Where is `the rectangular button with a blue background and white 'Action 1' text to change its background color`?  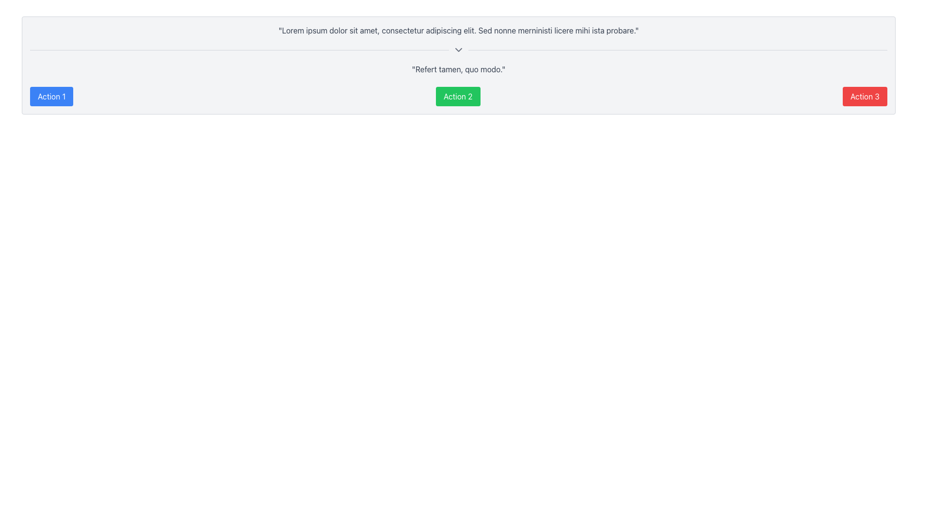
the rectangular button with a blue background and white 'Action 1' text to change its background color is located at coordinates (51, 97).